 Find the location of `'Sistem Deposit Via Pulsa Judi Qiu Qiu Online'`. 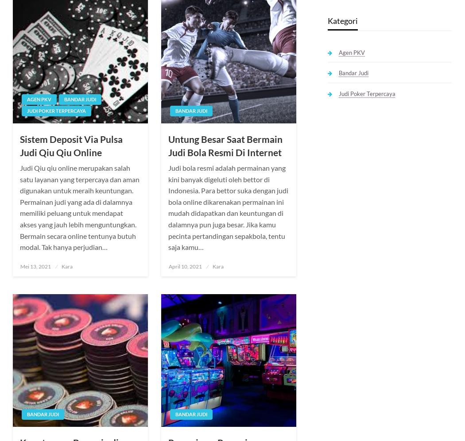

'Sistem Deposit Via Pulsa Judi Qiu Qiu Online' is located at coordinates (71, 145).